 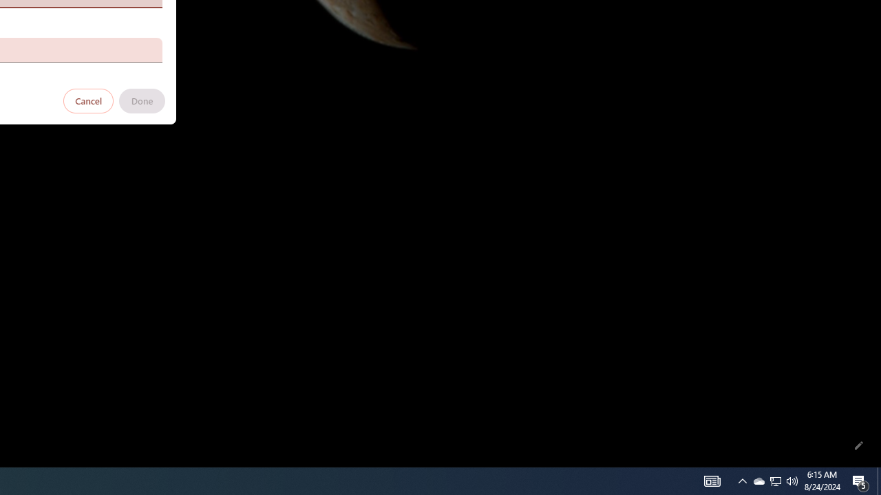 I want to click on 'Done', so click(x=142, y=100).